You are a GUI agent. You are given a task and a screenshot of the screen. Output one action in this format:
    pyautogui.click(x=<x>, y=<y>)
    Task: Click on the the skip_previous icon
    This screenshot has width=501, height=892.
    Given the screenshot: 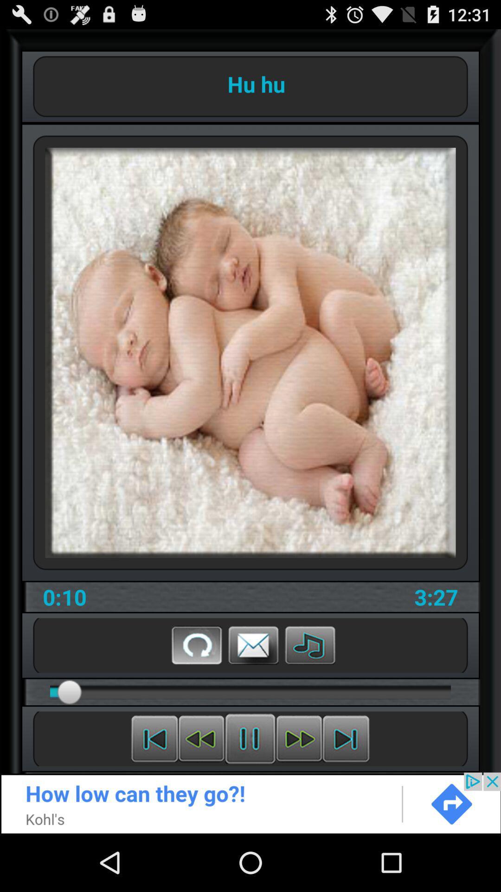 What is the action you would take?
    pyautogui.click(x=154, y=790)
    